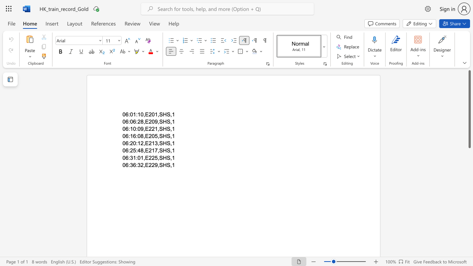  What do you see at coordinates (469, 174) in the screenshot?
I see `the scrollbar on the right to move the page downward` at bounding box center [469, 174].